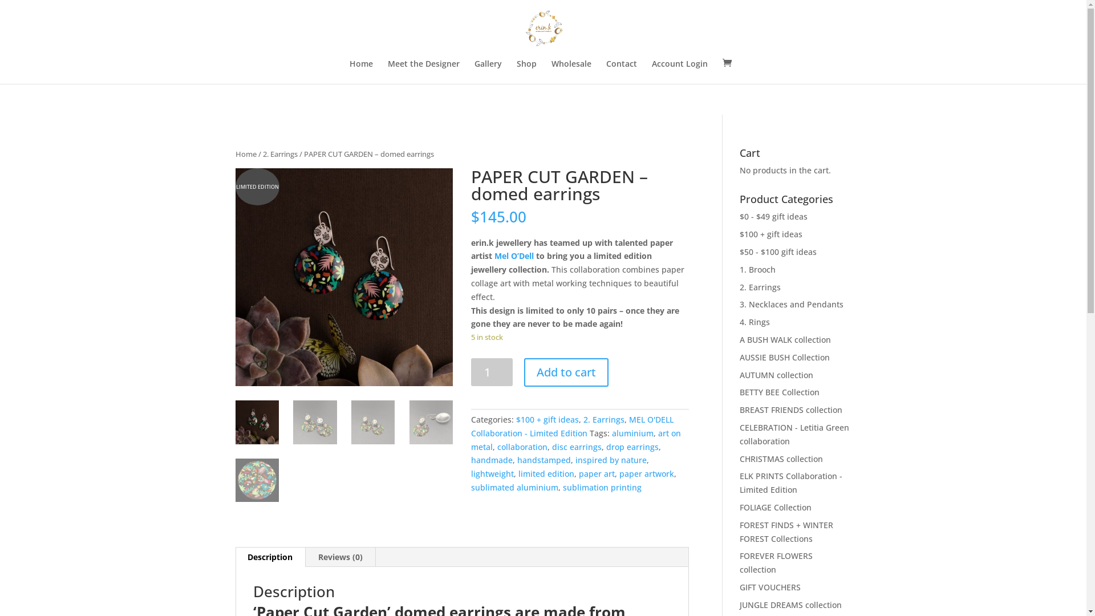  I want to click on '+', so click(1072, 15).